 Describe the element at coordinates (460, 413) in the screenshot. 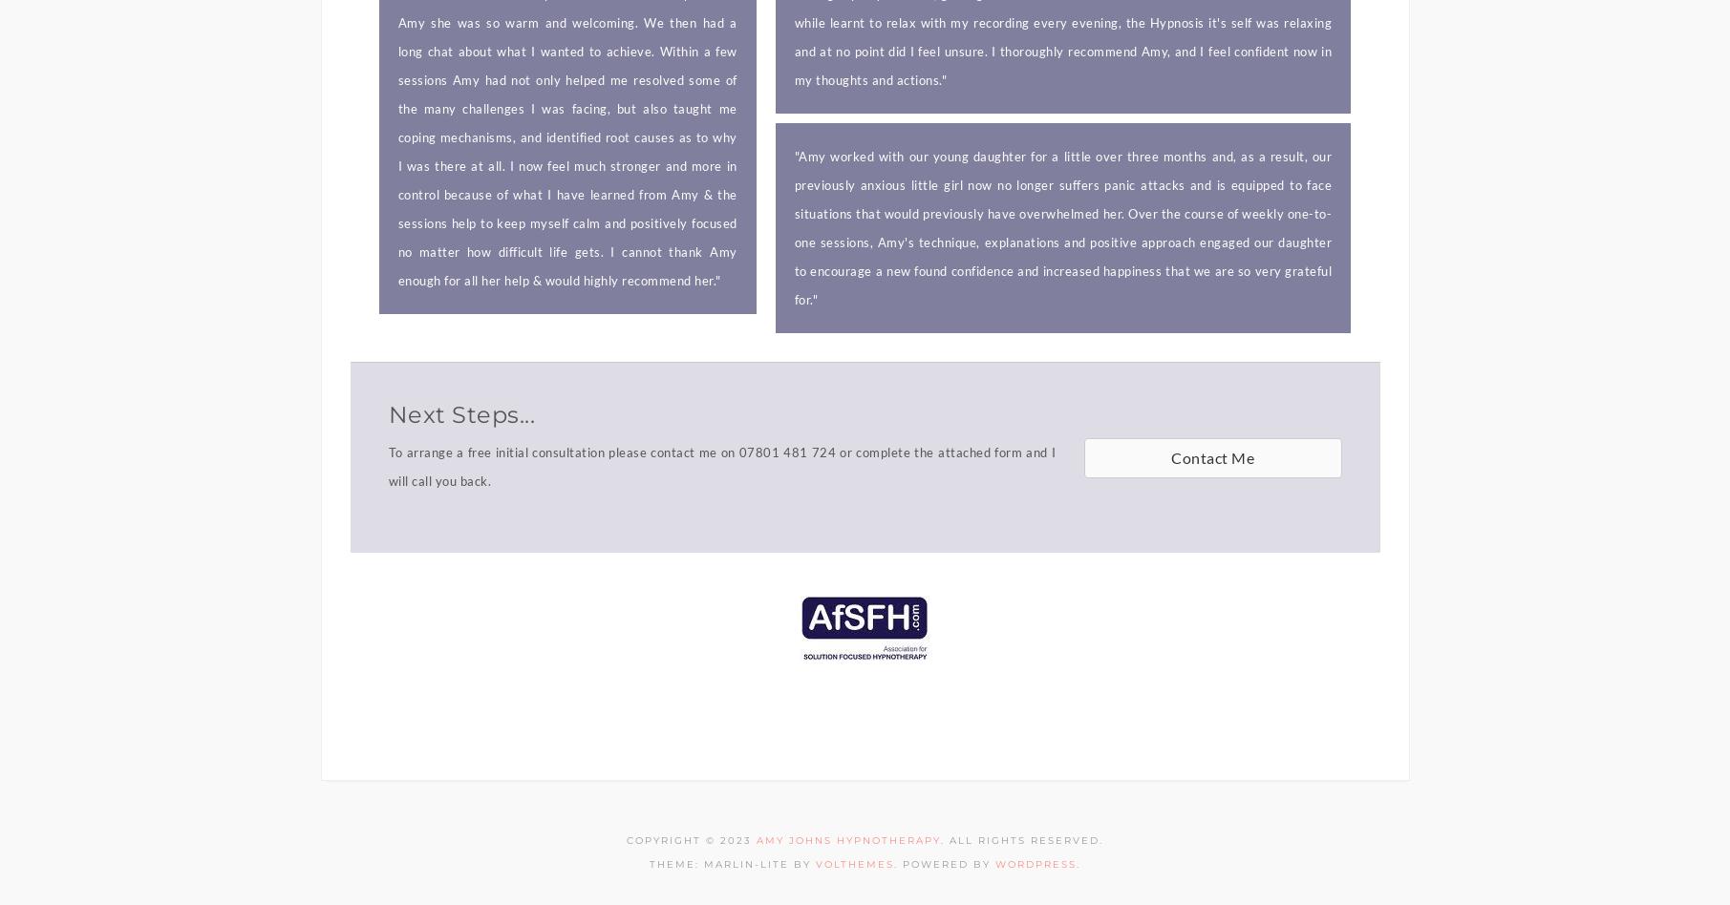

I see `'Next Steps...'` at that location.